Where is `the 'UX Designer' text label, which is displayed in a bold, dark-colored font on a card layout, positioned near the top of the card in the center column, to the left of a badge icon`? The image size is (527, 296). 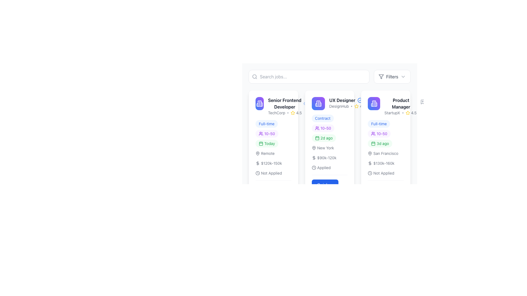
the 'UX Designer' text label, which is displayed in a bold, dark-colored font on a card layout, positioned near the top of the card in the center column, to the left of a badge icon is located at coordinates (342, 100).